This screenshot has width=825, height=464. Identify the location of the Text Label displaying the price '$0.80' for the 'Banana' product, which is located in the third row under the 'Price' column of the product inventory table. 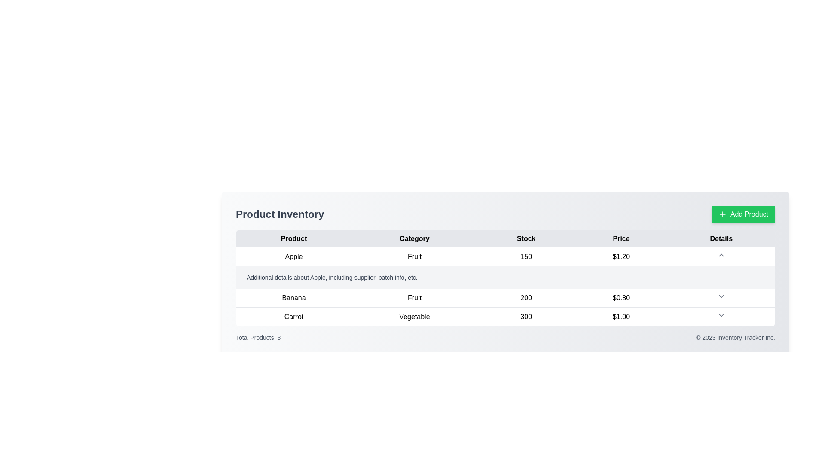
(621, 297).